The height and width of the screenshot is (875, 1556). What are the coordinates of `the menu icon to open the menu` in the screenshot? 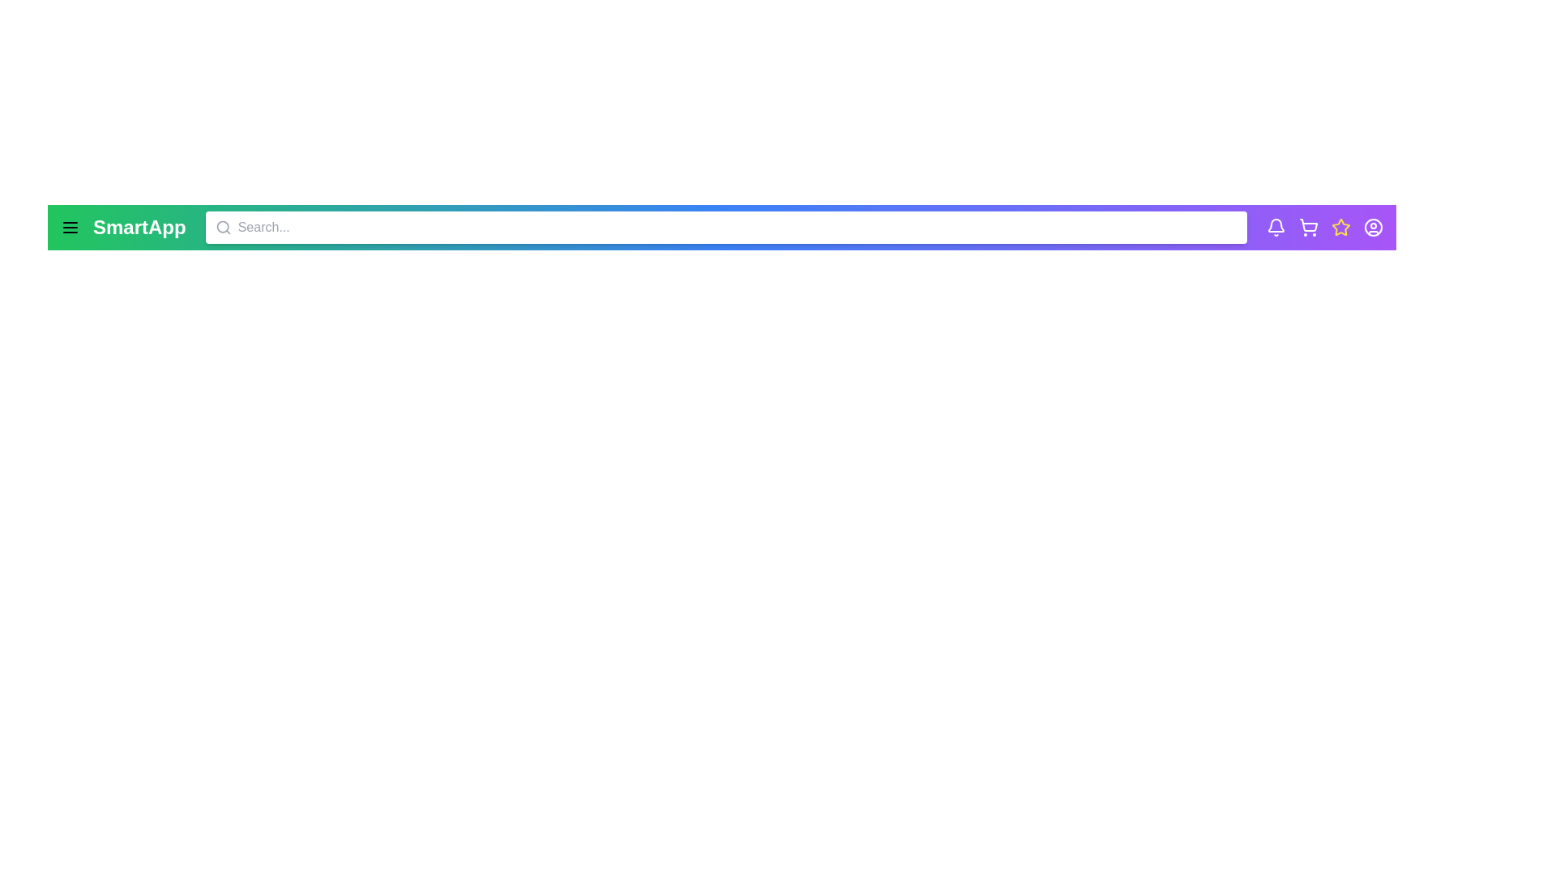 It's located at (69, 228).